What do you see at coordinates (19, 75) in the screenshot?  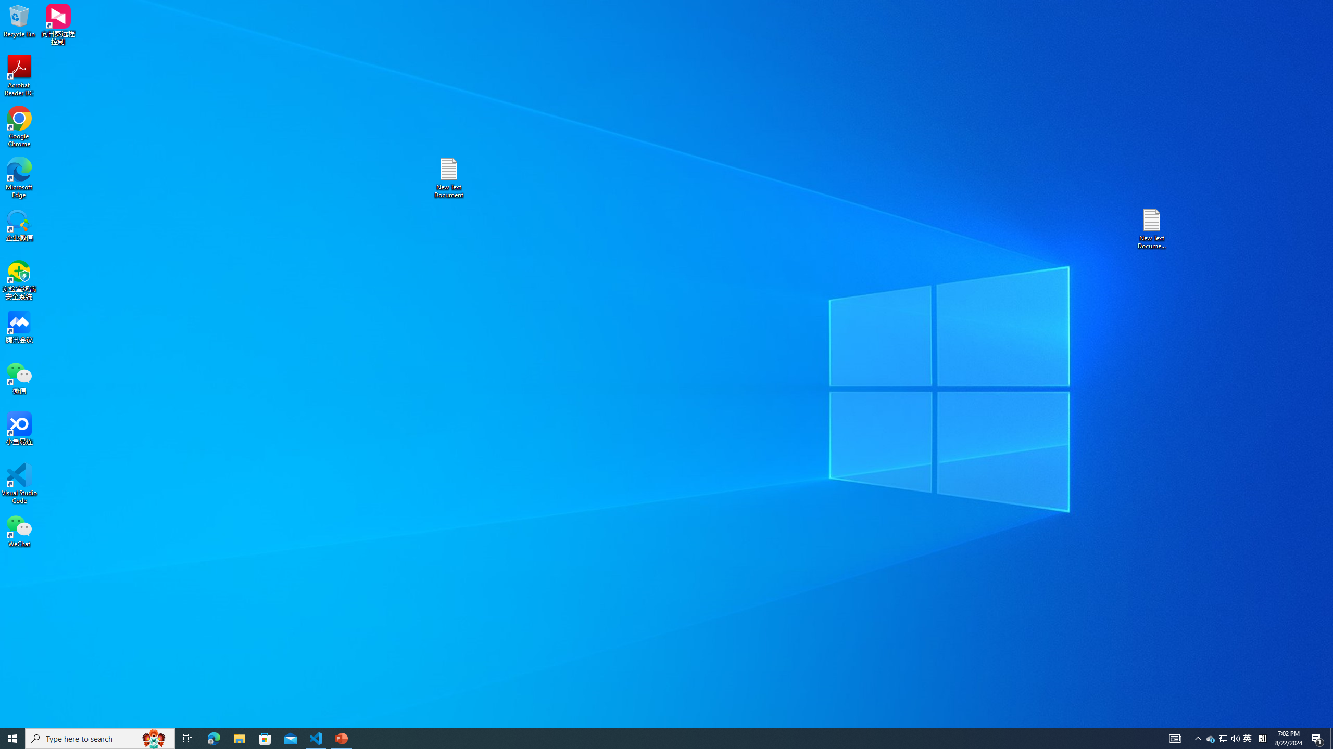 I see `'Acrobat Reader DC'` at bounding box center [19, 75].